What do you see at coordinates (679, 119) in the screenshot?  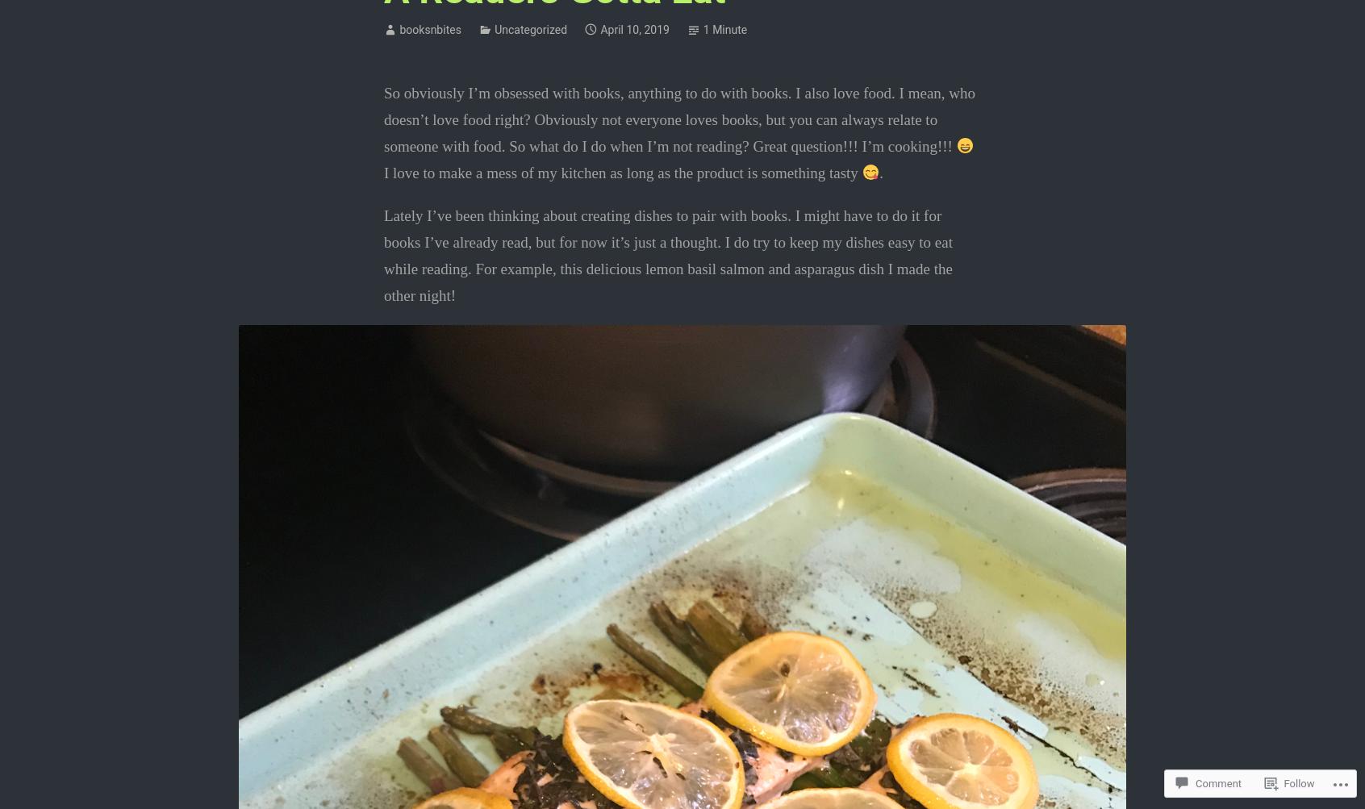 I see `'So obviously I’m obsessed with books, anything to do with books. I also love food. I mean, who doesn’t love food right? Obviously not everyone loves books, but you can always relate to someone with food. So what do I do when I’m not reading? Great question!!! I’m cooking!!!'` at bounding box center [679, 119].